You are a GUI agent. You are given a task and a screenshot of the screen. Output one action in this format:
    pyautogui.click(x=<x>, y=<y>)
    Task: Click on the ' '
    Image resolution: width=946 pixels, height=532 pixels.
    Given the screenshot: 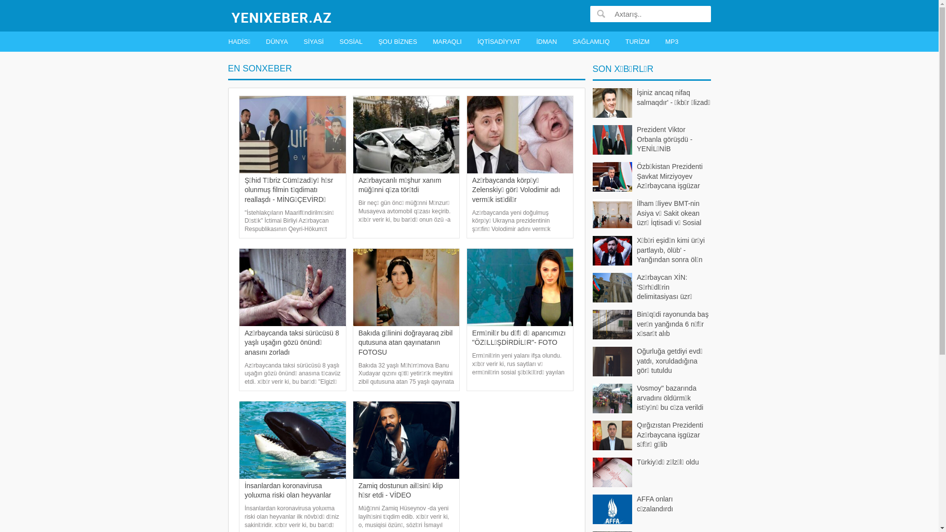 What is the action you would take?
    pyautogui.click(x=601, y=13)
    